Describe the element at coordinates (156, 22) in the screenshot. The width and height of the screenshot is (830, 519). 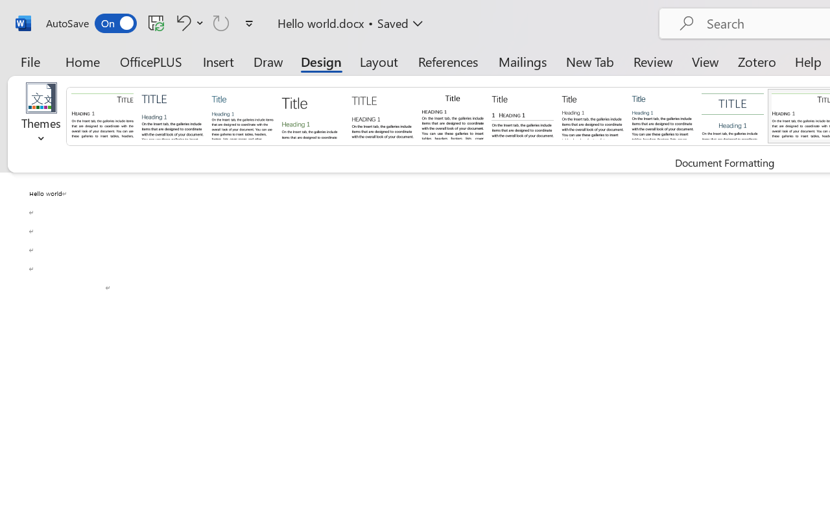
I see `'Save'` at that location.